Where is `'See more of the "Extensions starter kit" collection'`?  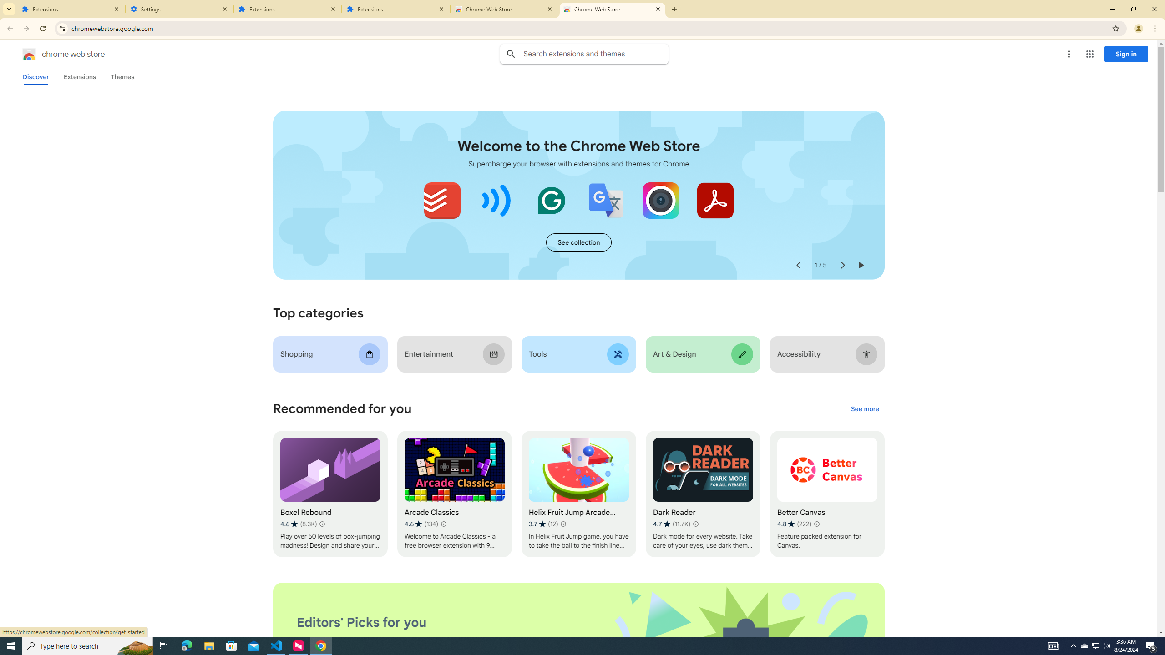 'See more of the "Extensions starter kit" collection' is located at coordinates (578, 242).